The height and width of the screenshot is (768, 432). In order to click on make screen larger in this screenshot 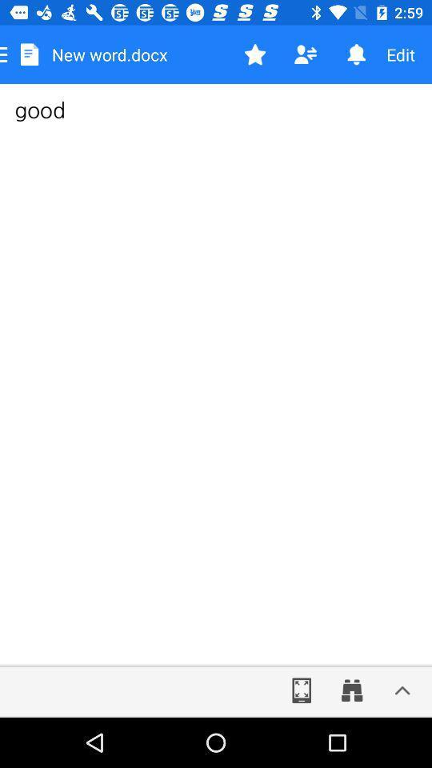, I will do `click(302, 690)`.